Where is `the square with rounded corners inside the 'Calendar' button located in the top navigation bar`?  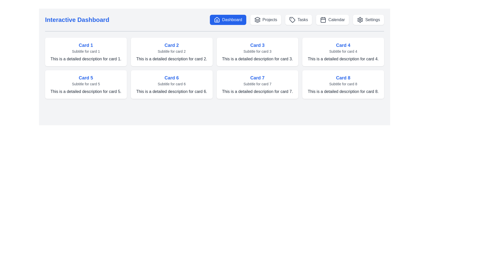
the square with rounded corners inside the 'Calendar' button located in the top navigation bar is located at coordinates (323, 20).